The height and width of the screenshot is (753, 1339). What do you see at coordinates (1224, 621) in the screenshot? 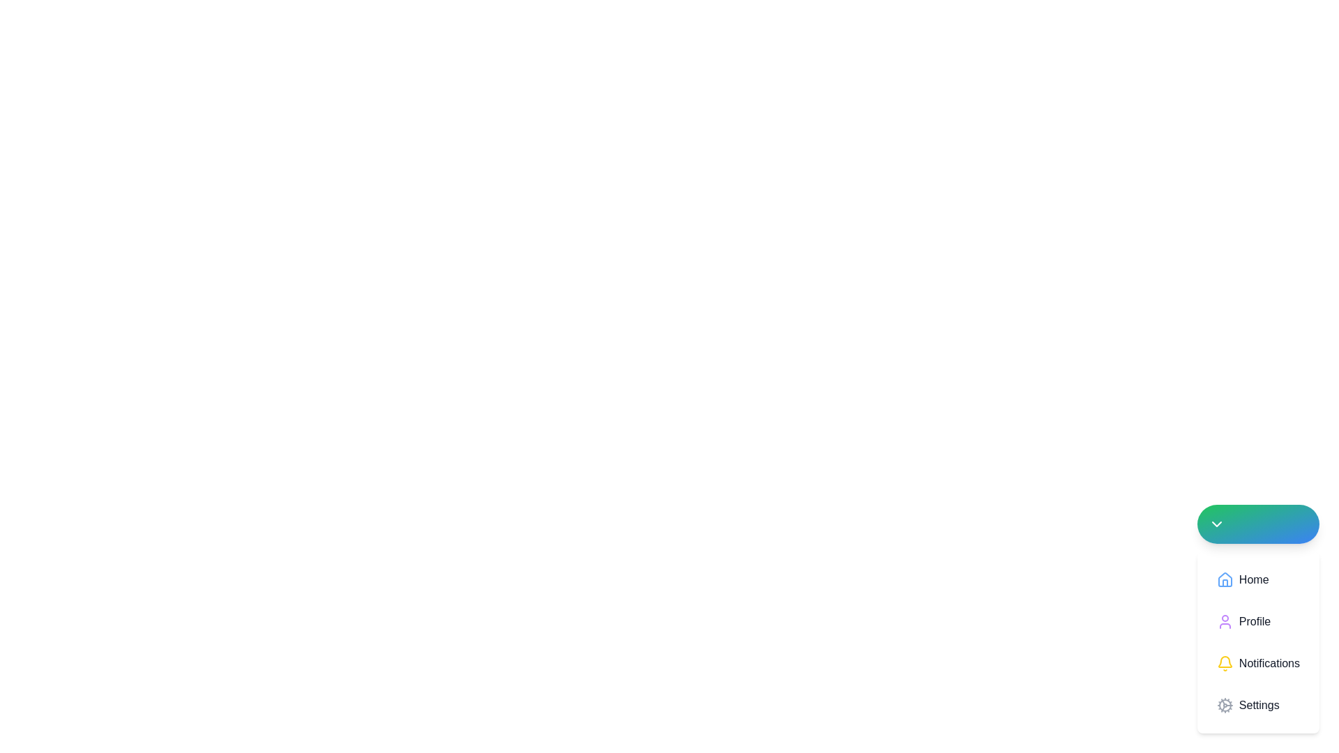
I see `the 'Profile' icon` at bounding box center [1224, 621].